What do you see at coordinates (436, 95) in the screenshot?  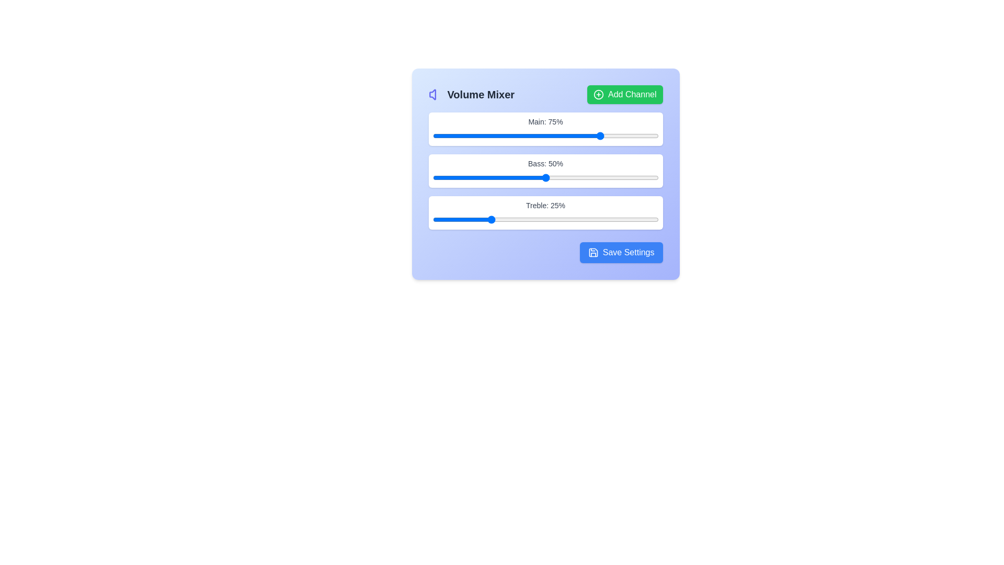 I see `the audio control icon associated with the 'Volume Mixer' label, located at the top-left section of the interface` at bounding box center [436, 95].